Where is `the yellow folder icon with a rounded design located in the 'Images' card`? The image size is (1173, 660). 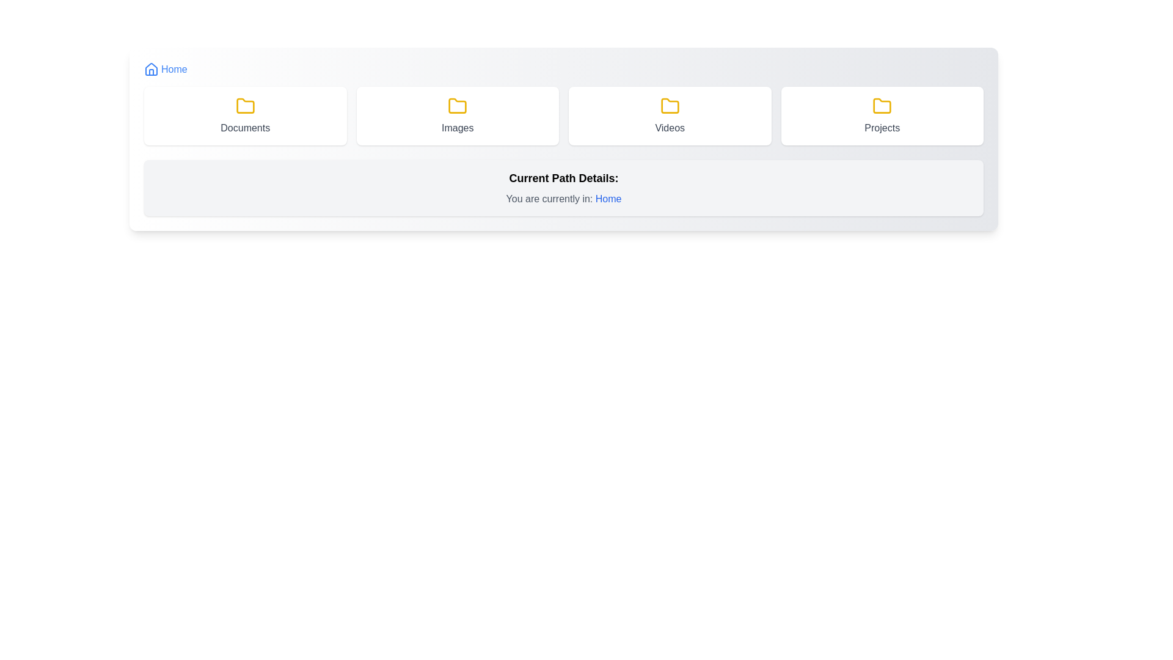
the yellow folder icon with a rounded design located in the 'Images' card is located at coordinates (457, 105).